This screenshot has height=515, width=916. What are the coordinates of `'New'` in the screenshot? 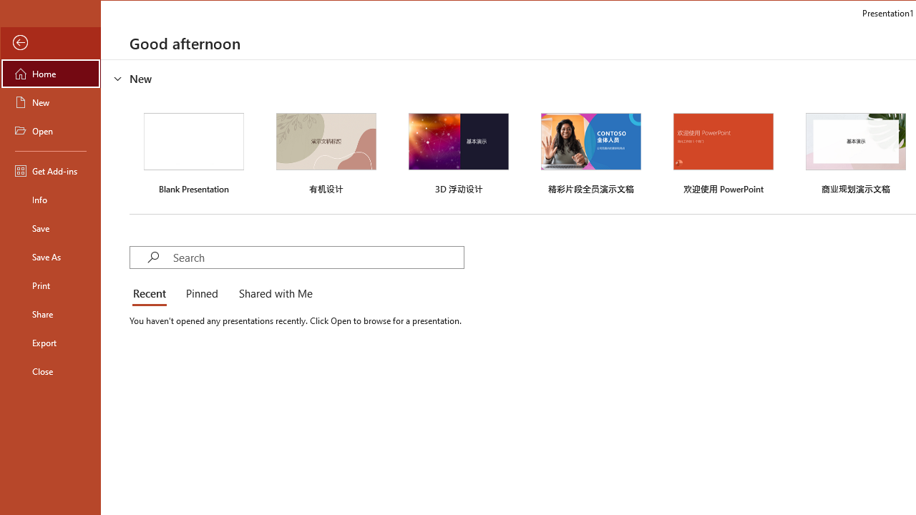 It's located at (51, 101).